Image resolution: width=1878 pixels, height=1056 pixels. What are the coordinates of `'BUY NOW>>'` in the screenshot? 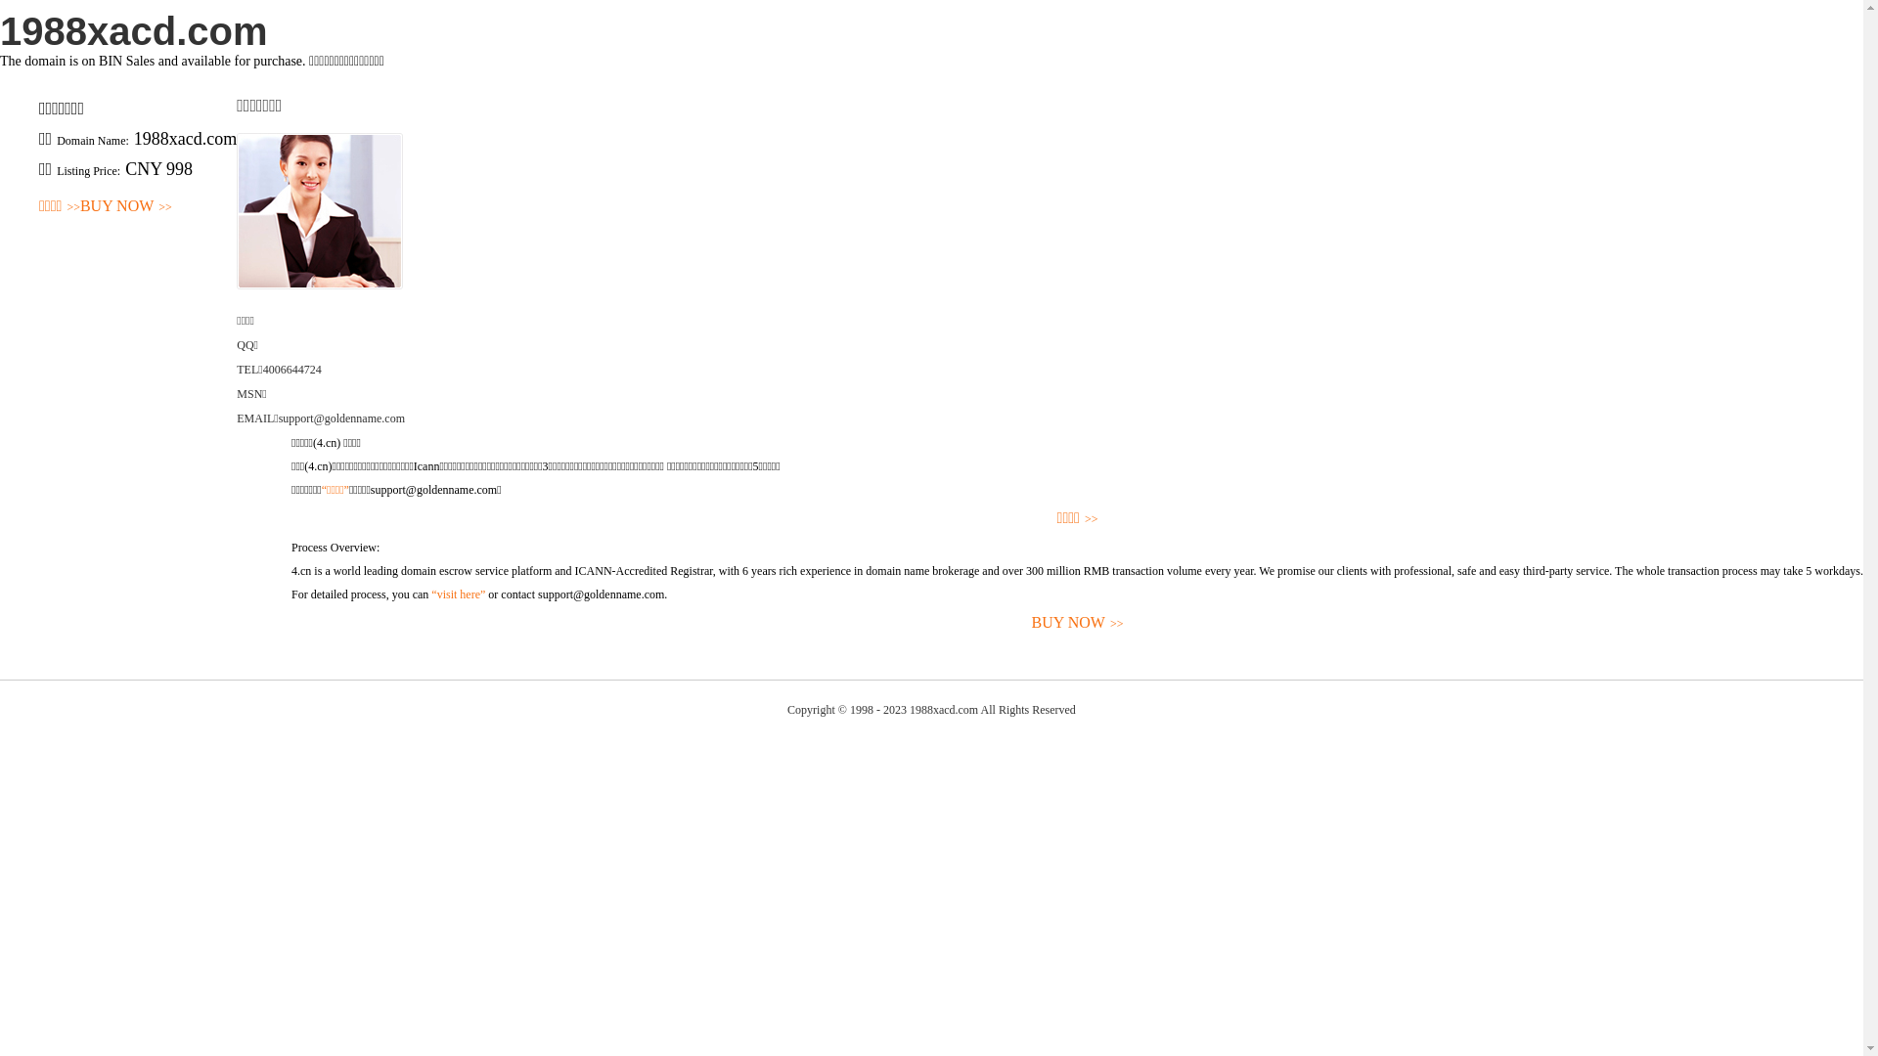 It's located at (125, 206).